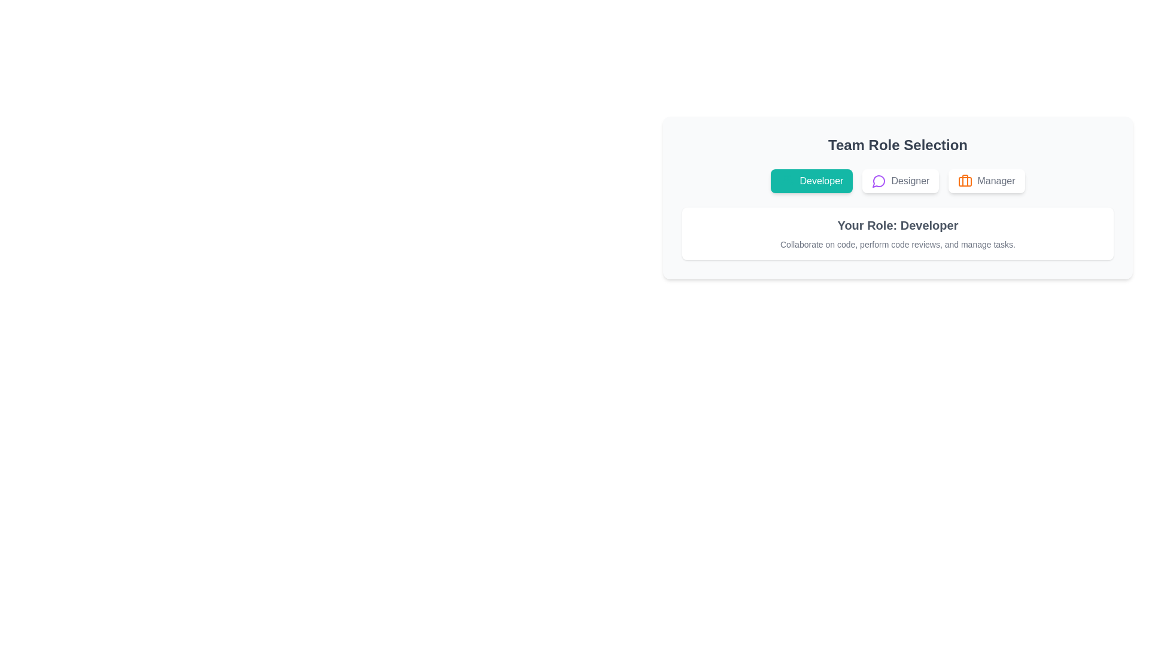 The image size is (1149, 646). I want to click on the 'Developer' interactive text with a teal icon, so click(811, 181).